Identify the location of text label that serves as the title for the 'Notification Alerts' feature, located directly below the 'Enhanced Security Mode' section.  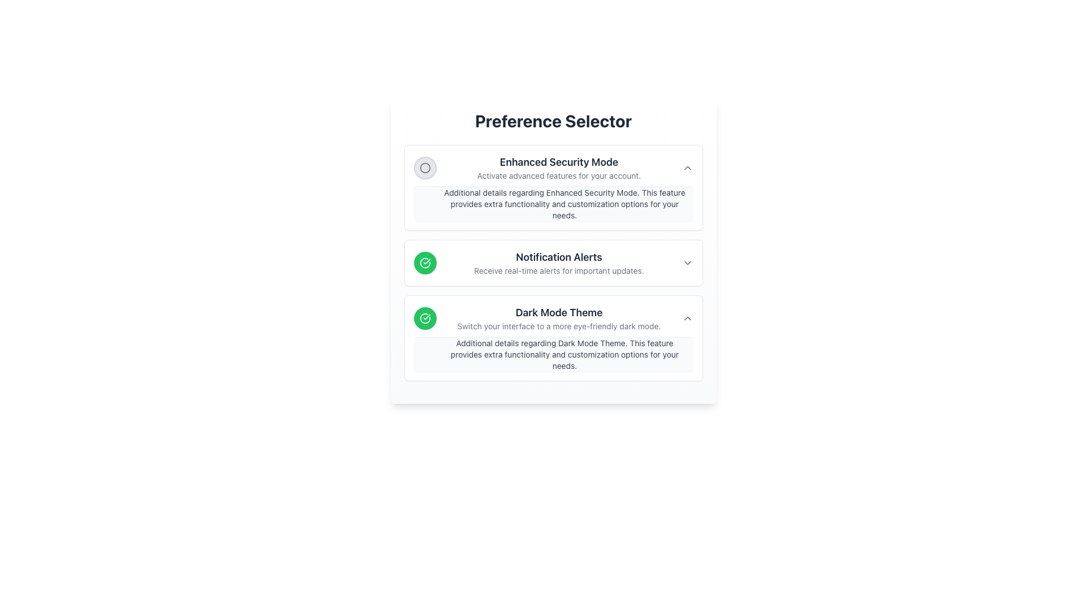
(559, 257).